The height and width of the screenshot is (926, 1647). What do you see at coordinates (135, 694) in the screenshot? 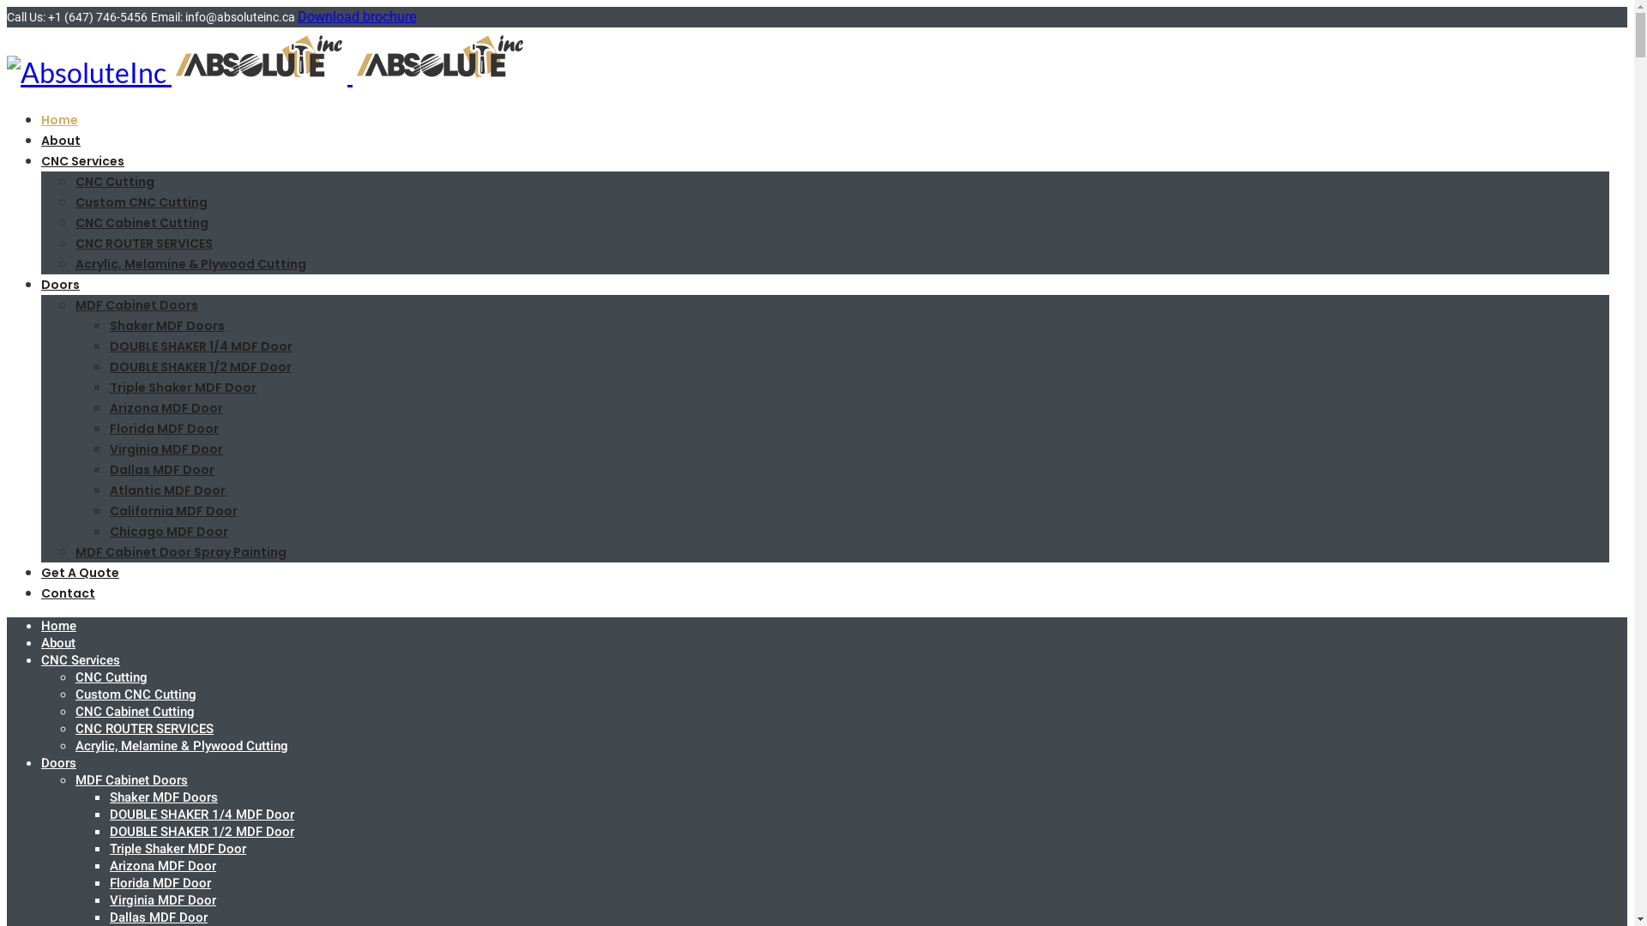
I see `'Custom CNC Cutting'` at bounding box center [135, 694].